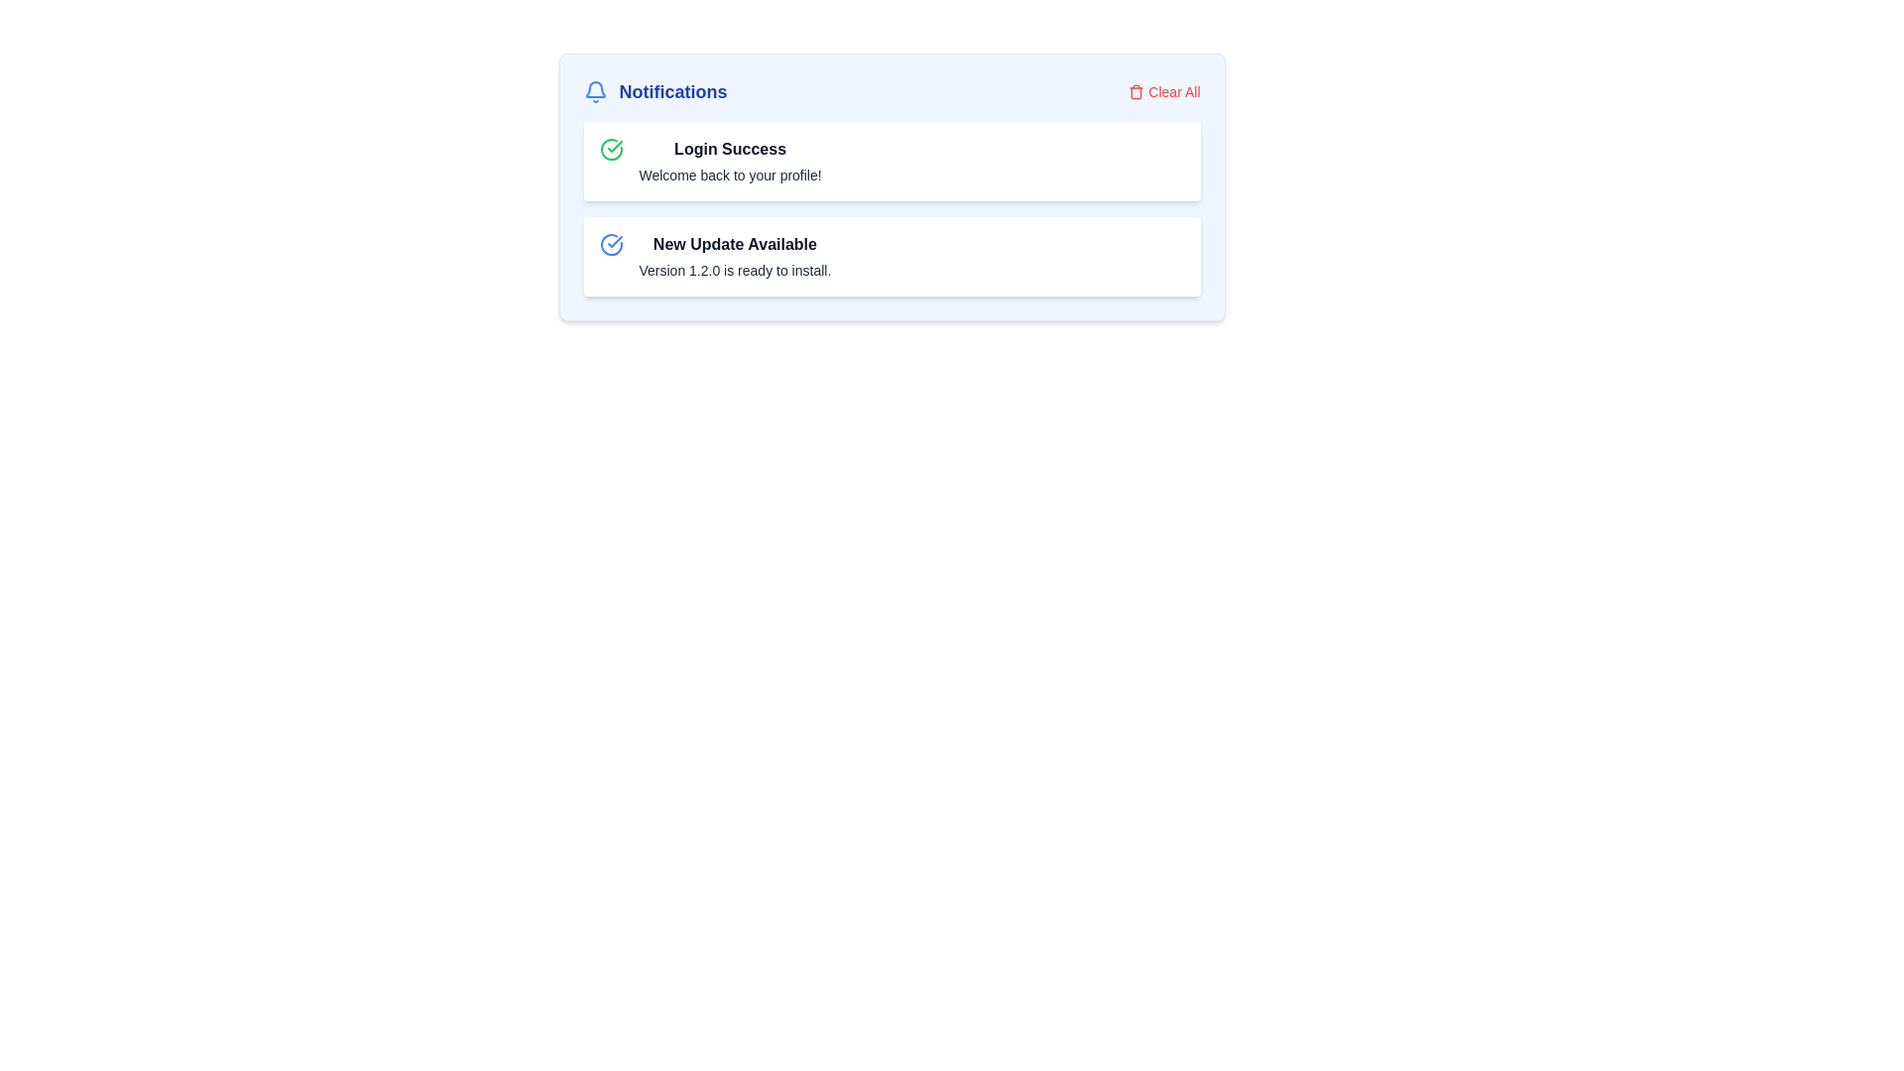  What do you see at coordinates (729, 160) in the screenshot?
I see `success message from the notification text block located at the topmost slot of the notification card, directly below the green circular icon with a checkmark` at bounding box center [729, 160].